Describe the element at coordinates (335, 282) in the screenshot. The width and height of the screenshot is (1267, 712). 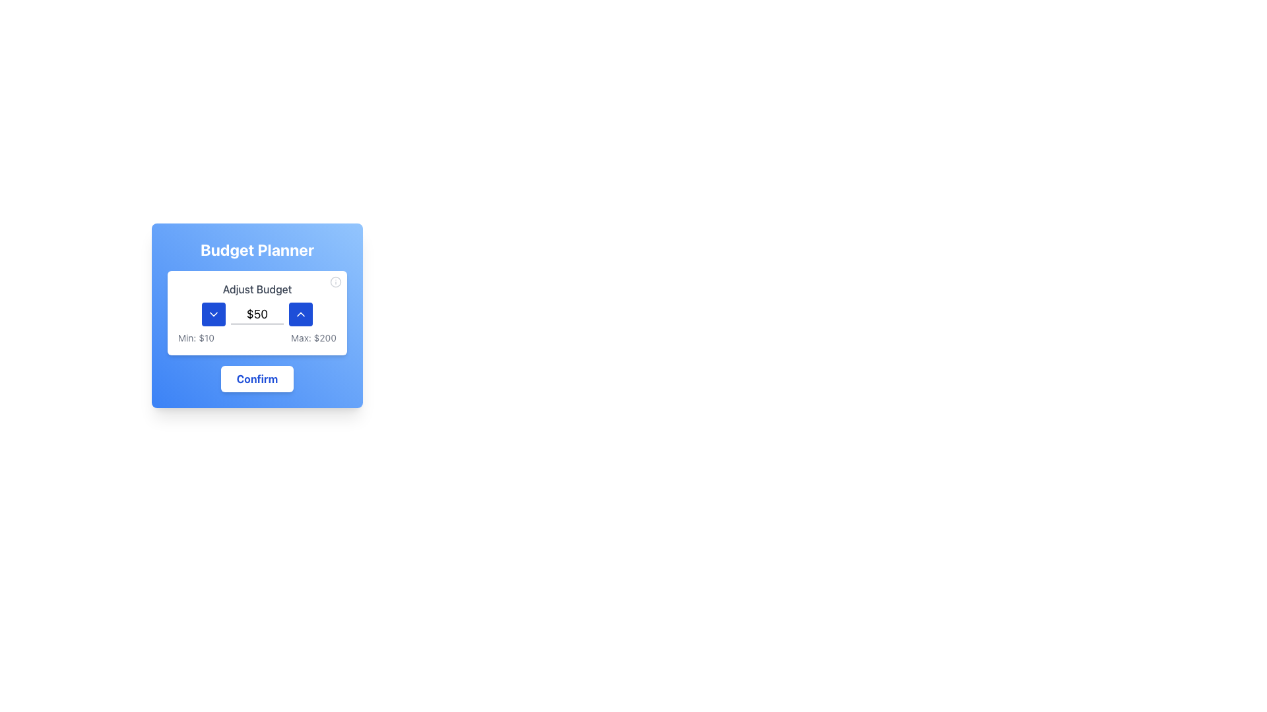
I see `the circular SVG element representing the outer boundary of the 'info' icon located in the upper-right section of the 'Budget Planner' dialog box` at that location.